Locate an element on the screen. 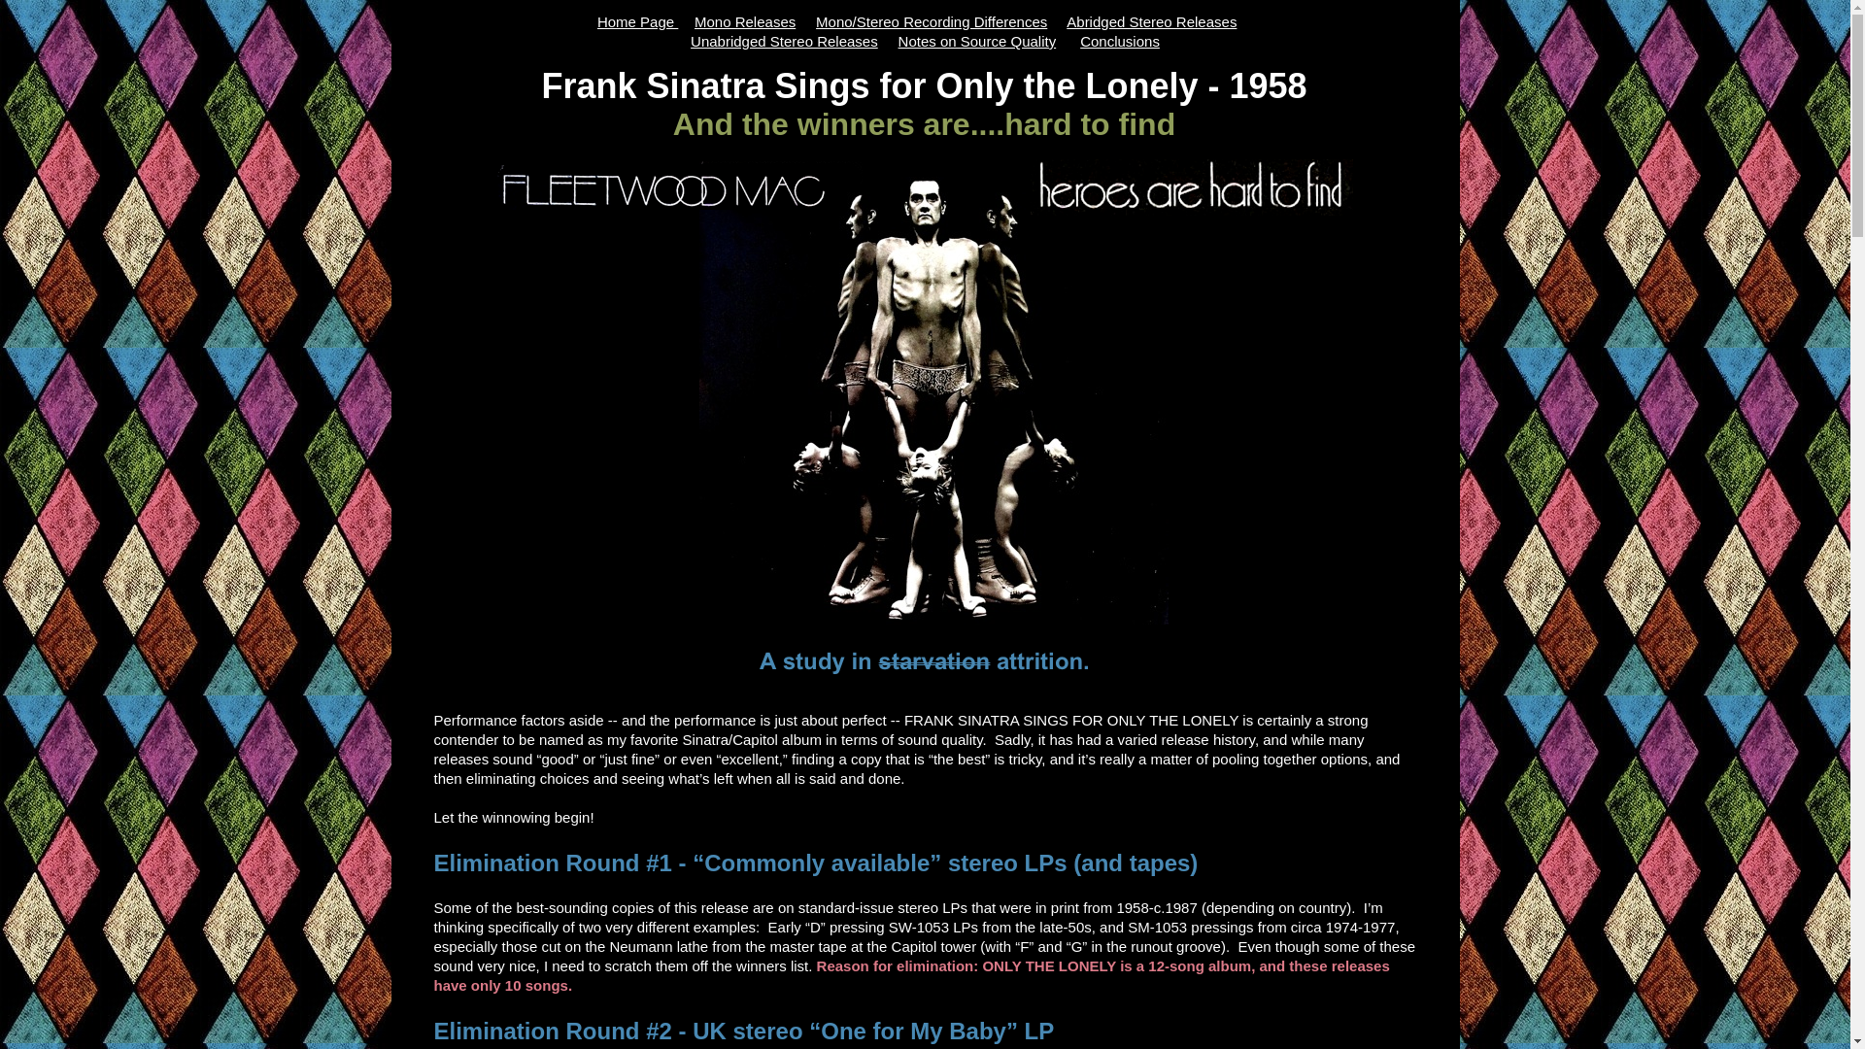  'Mono/Stereo Recording Differences' is located at coordinates (931, 21).